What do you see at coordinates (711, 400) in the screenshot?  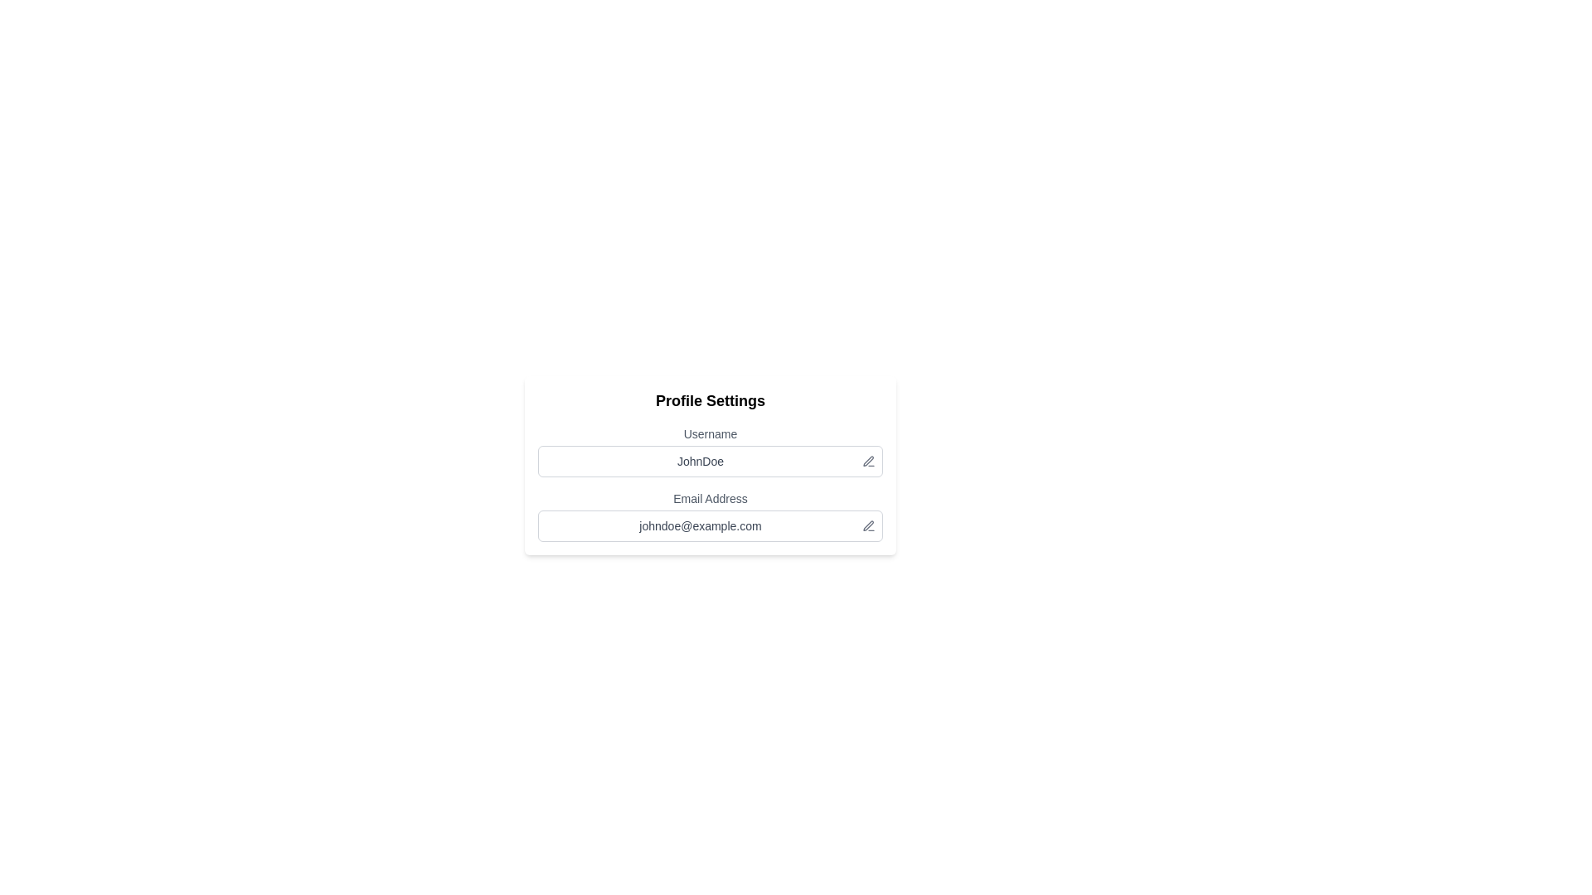 I see `the 'Profile Settings' text label which is styled as a bold header at the top of the card interface` at bounding box center [711, 400].